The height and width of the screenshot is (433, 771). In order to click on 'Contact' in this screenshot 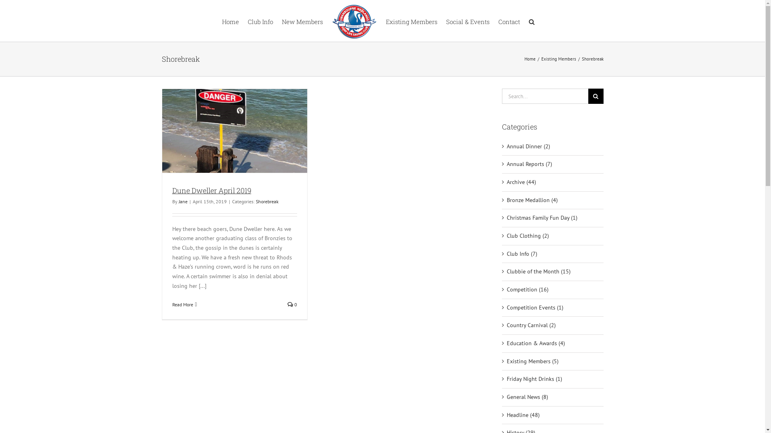, I will do `click(508, 20)`.